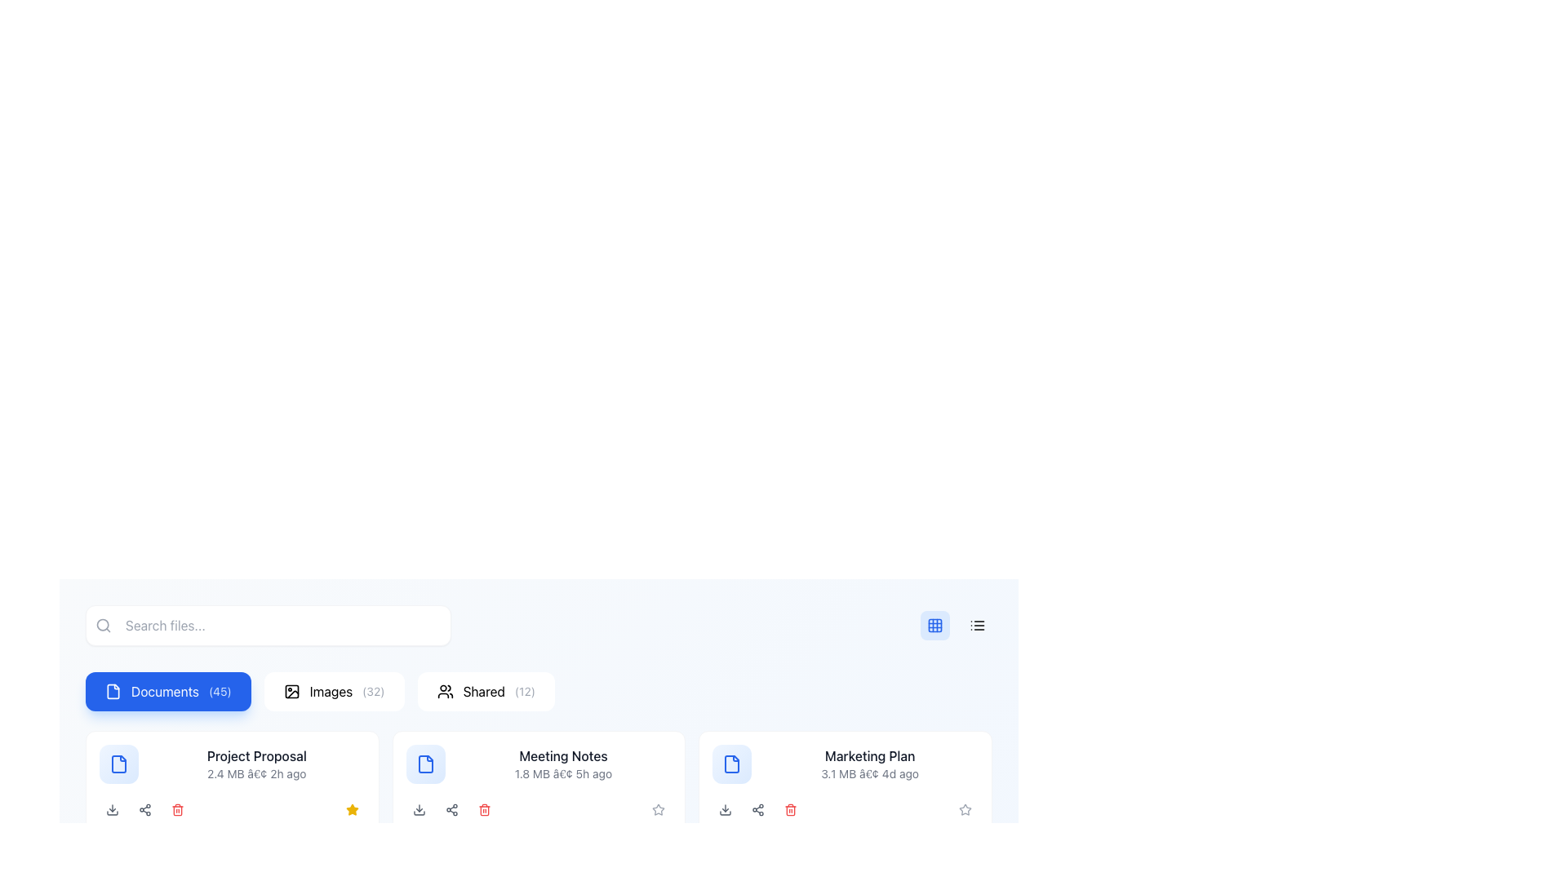  Describe the element at coordinates (118, 764) in the screenshot. I see `the document icon representing the 'Project Proposal' entry, which is a blue outlined SVG graphic with rounded corners located in the top-left corner of the file items` at that location.